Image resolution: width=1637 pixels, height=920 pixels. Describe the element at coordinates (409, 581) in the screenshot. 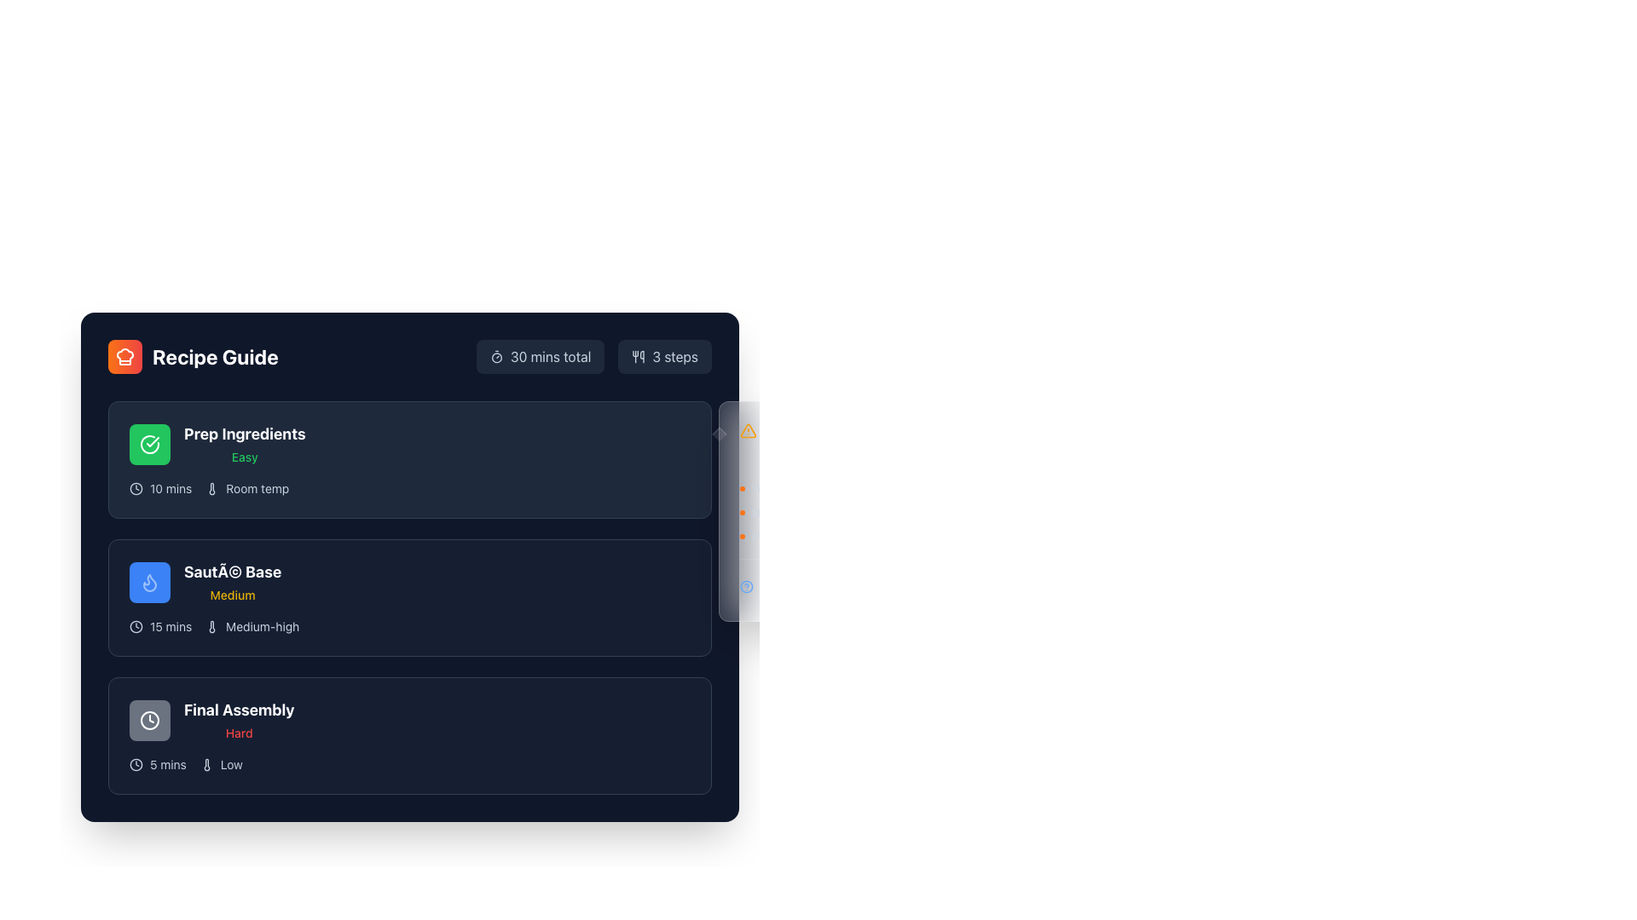

I see `the 'Sauté Base' recipe step in the grouped information display` at that location.